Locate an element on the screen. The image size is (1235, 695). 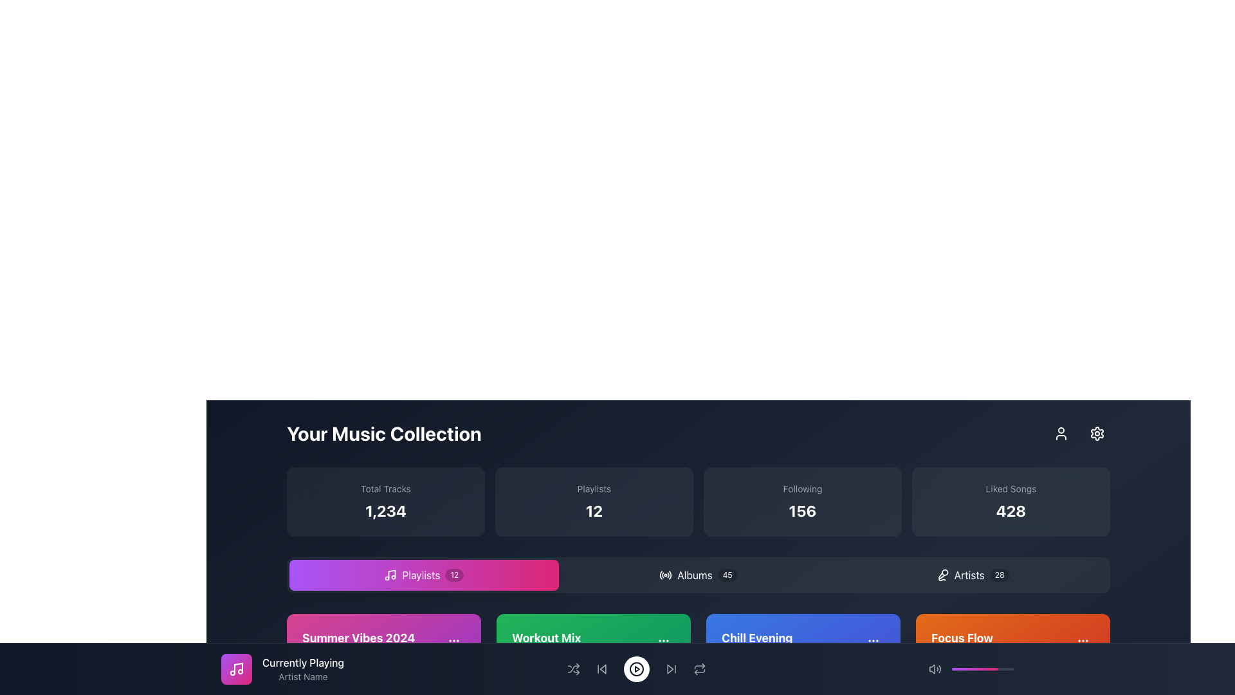
the decorative 'Albums' icon located to the left of the 'Albums' text is located at coordinates (666, 575).